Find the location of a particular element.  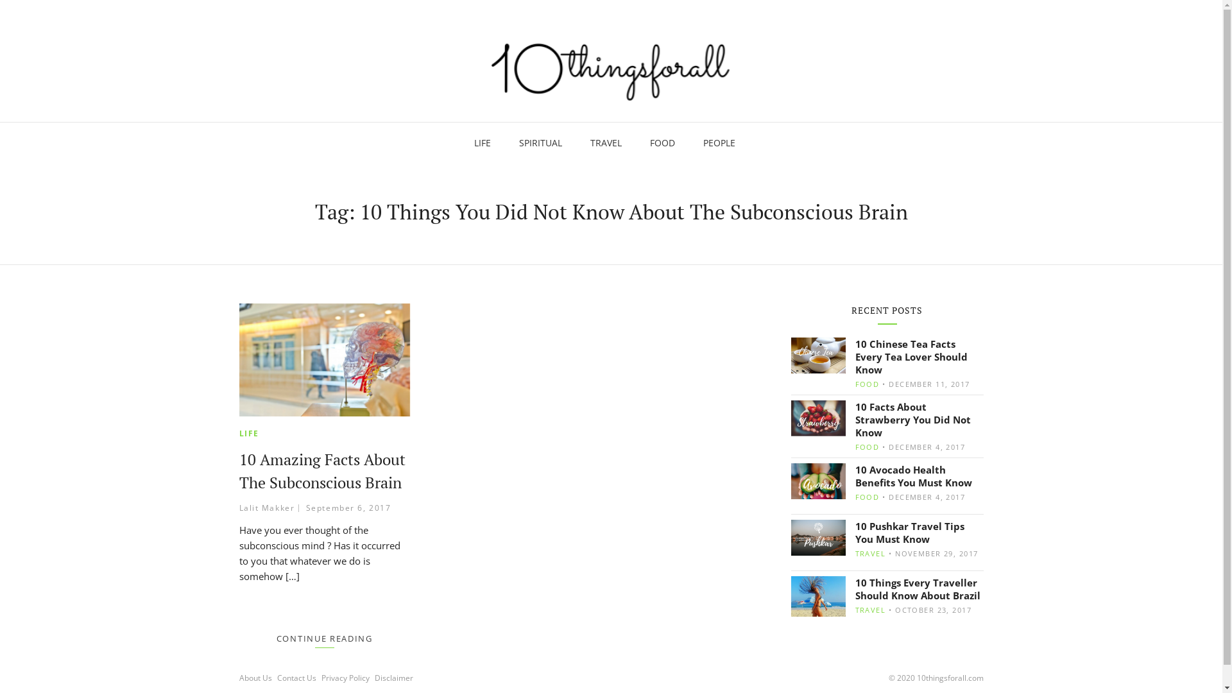

'PEOPLE' is located at coordinates (719, 141).